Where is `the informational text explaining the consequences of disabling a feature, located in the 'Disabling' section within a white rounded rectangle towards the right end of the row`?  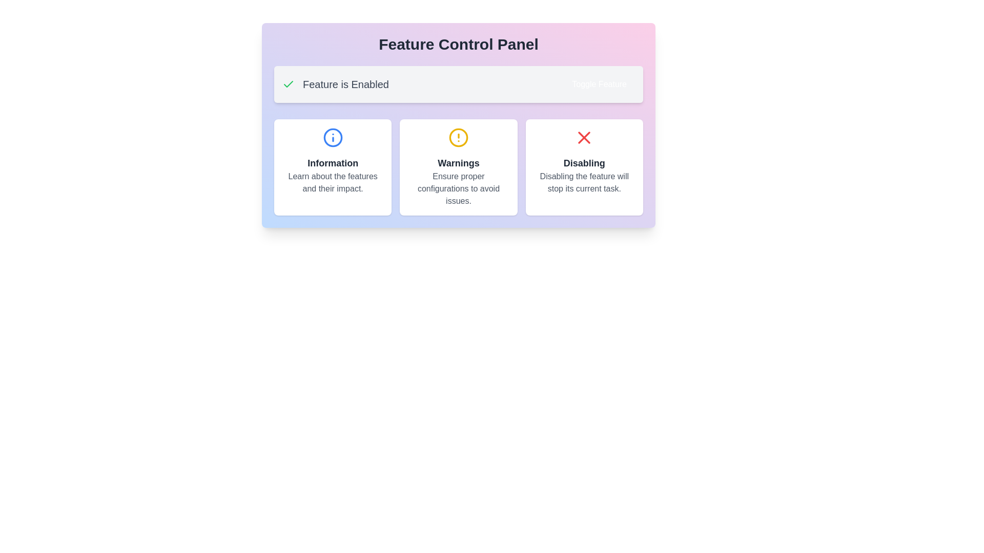
the informational text explaining the consequences of disabling a feature, located in the 'Disabling' section within a white rounded rectangle towards the right end of the row is located at coordinates (584, 182).